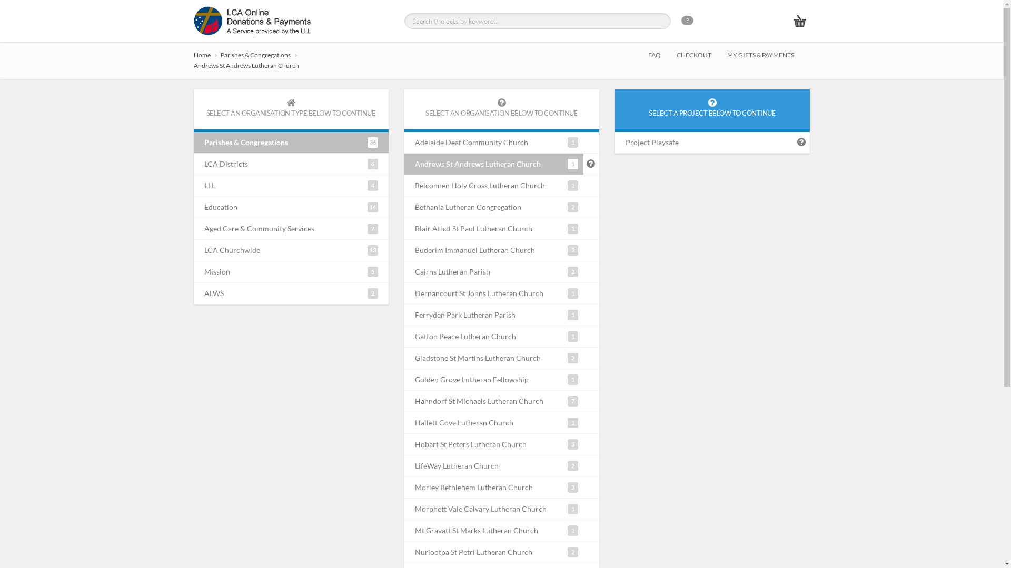  Describe the element at coordinates (493, 250) in the screenshot. I see `'3` at that location.